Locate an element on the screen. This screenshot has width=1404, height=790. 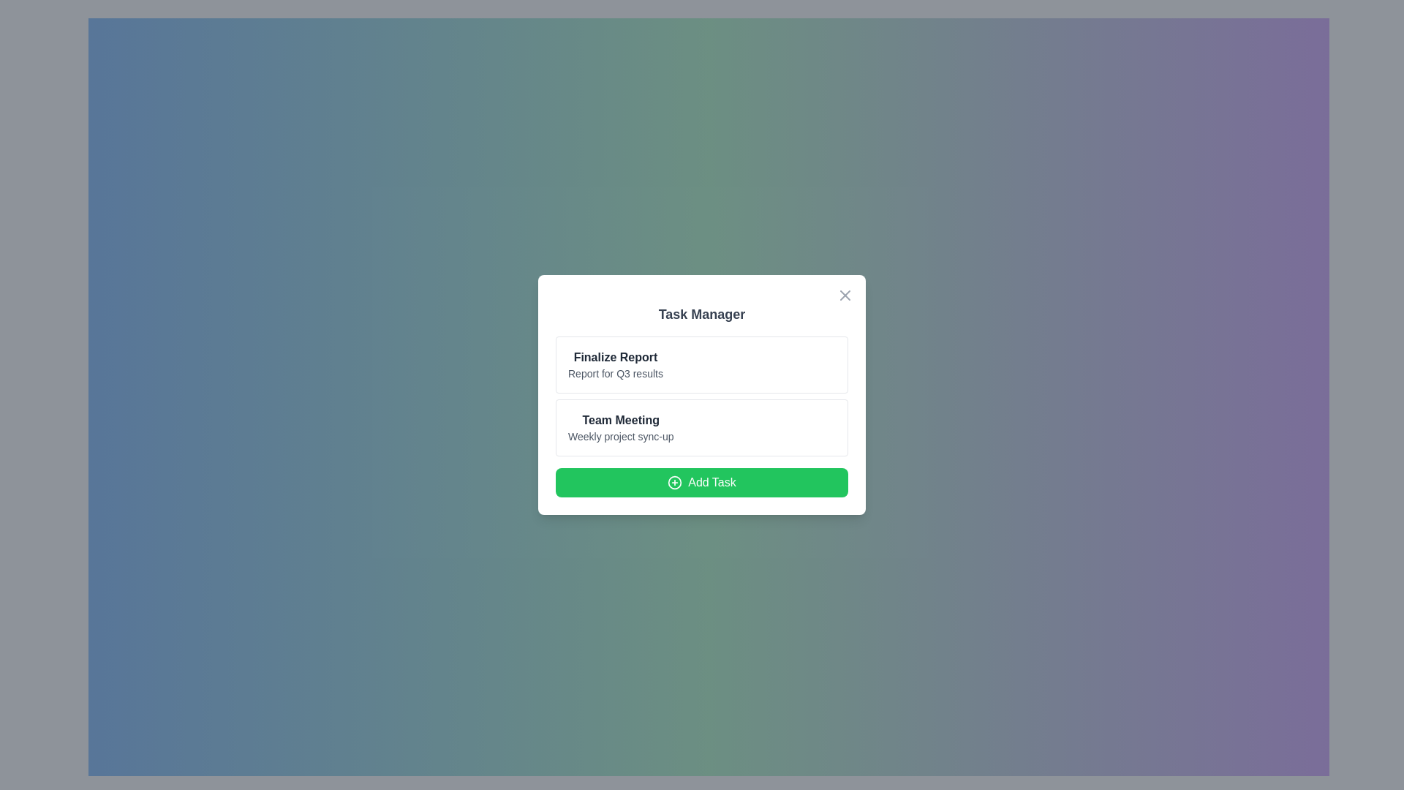
text content of the task entry labeled 'Team Meeting' with the sub-description 'Weekly project sync-up', located in the lower half of the task management interface is located at coordinates (621, 428).